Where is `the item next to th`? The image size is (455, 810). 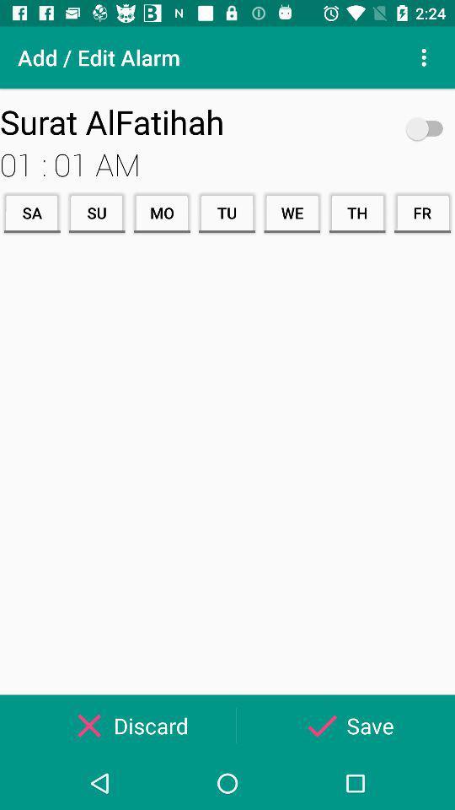 the item next to th is located at coordinates (421, 212).